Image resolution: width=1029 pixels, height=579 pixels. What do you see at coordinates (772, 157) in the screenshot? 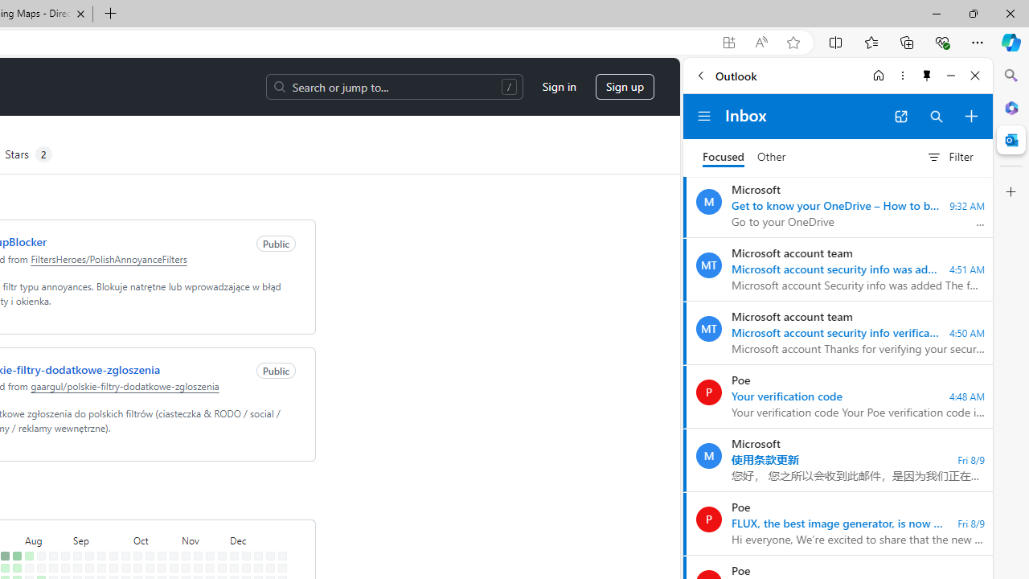
I see `'Other'` at bounding box center [772, 157].